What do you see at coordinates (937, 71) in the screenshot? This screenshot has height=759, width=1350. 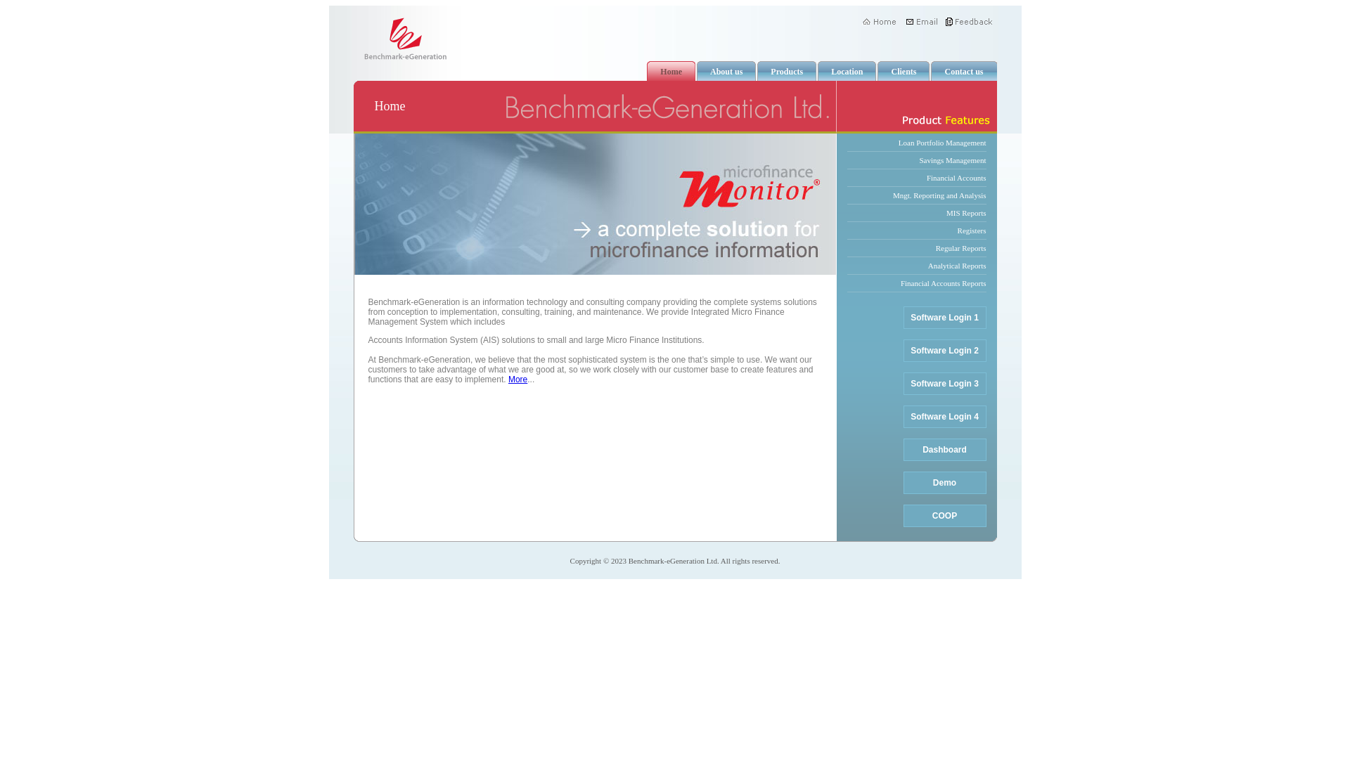 I see `'Contact us'` at bounding box center [937, 71].